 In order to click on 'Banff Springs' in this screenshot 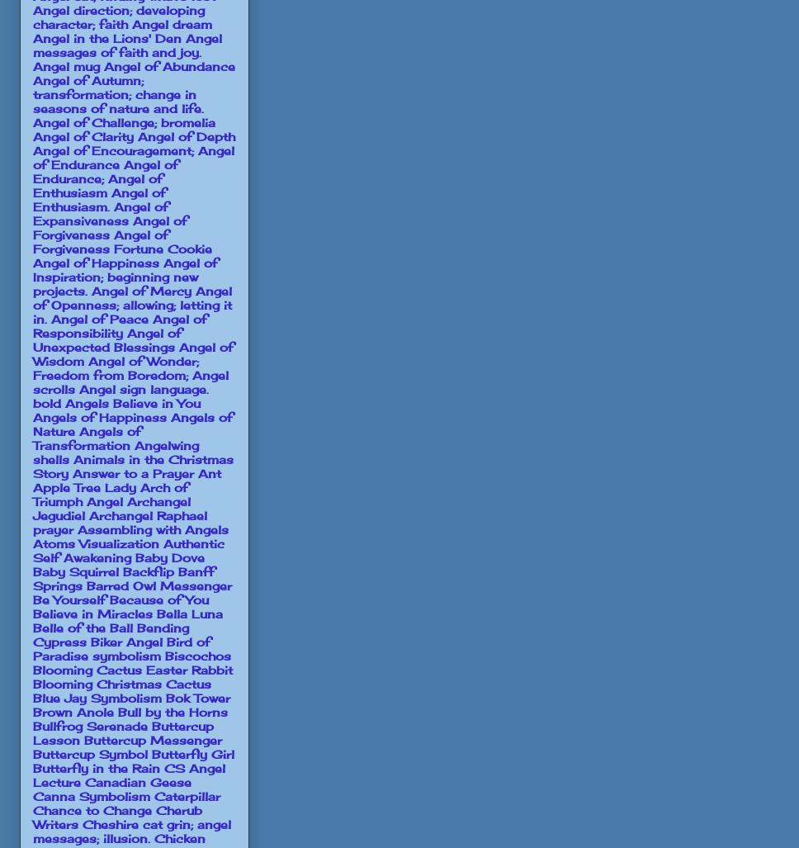, I will do `click(123, 578)`.